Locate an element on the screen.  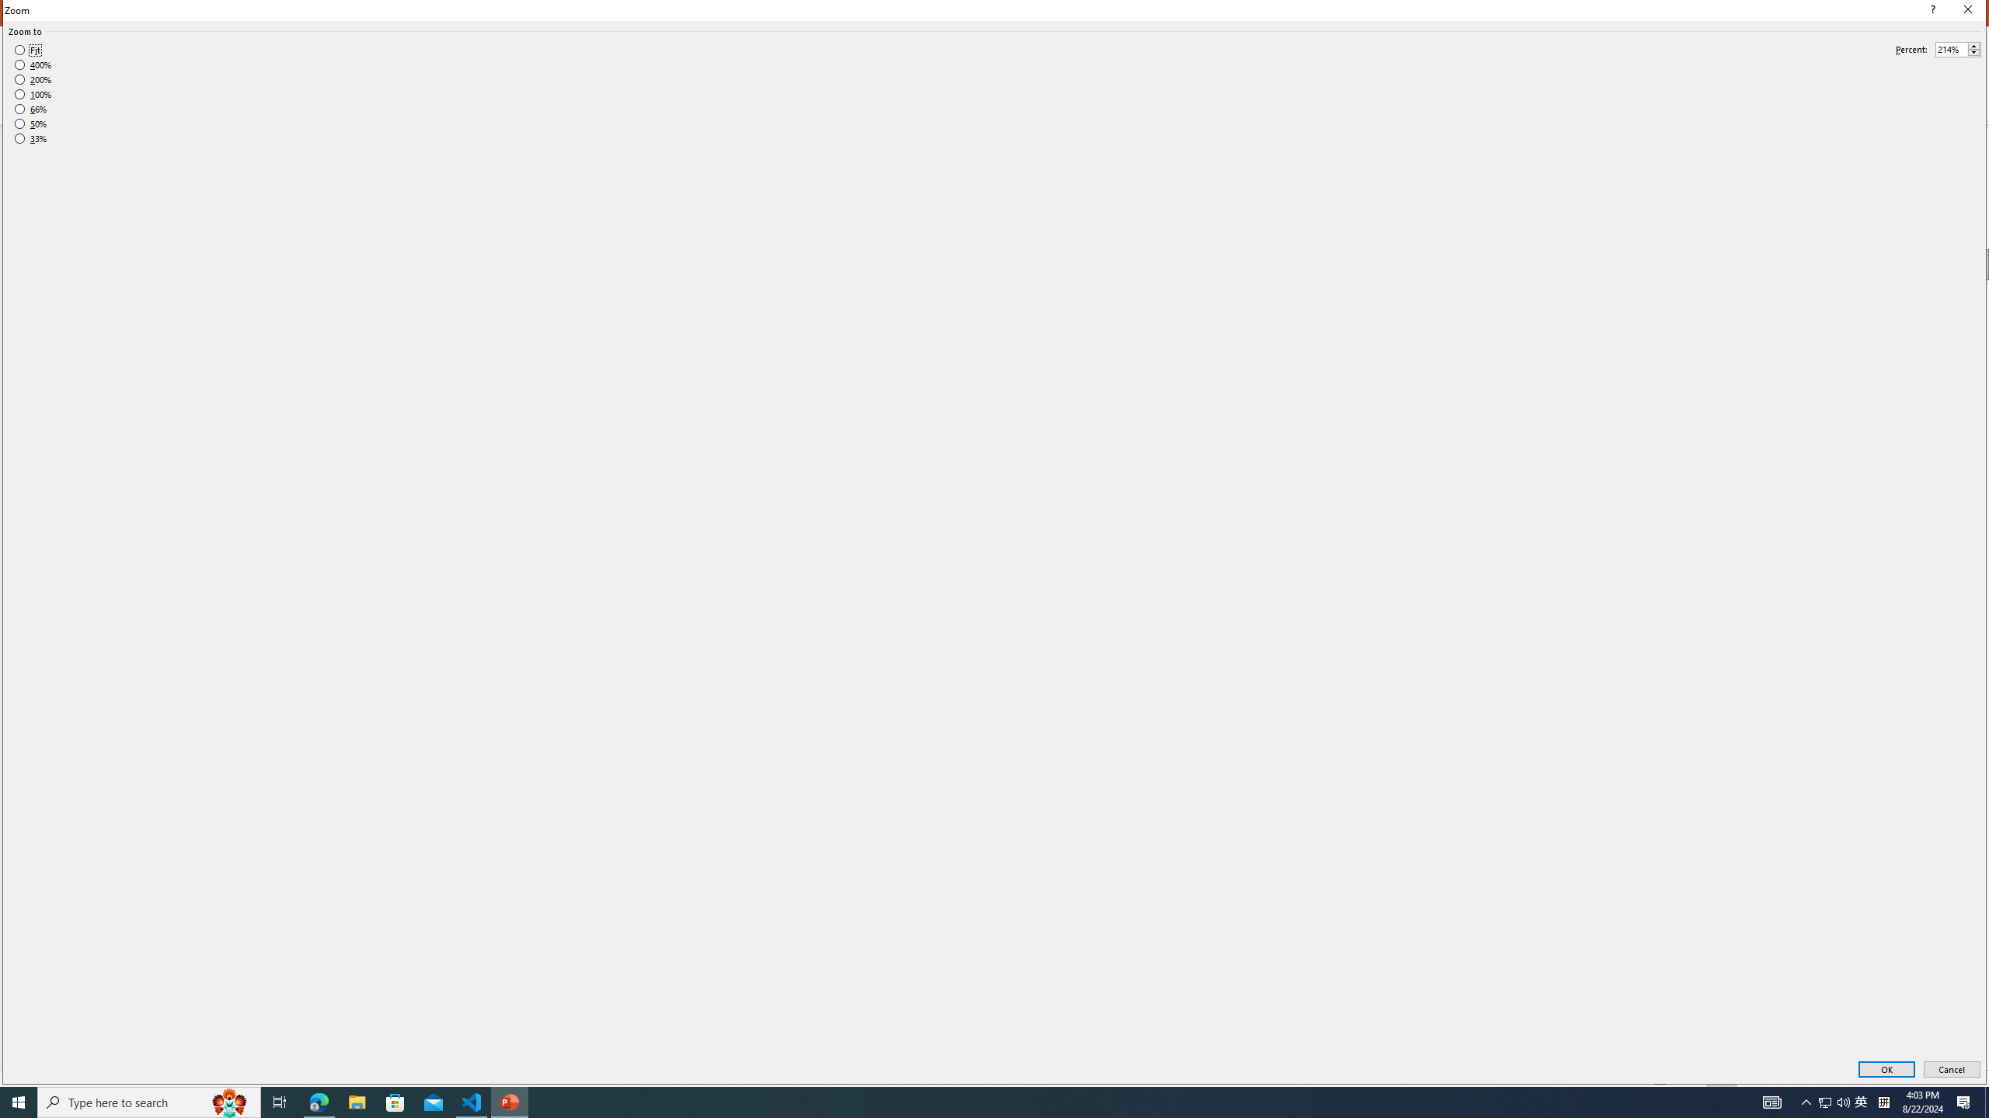
'33%' is located at coordinates (30, 139).